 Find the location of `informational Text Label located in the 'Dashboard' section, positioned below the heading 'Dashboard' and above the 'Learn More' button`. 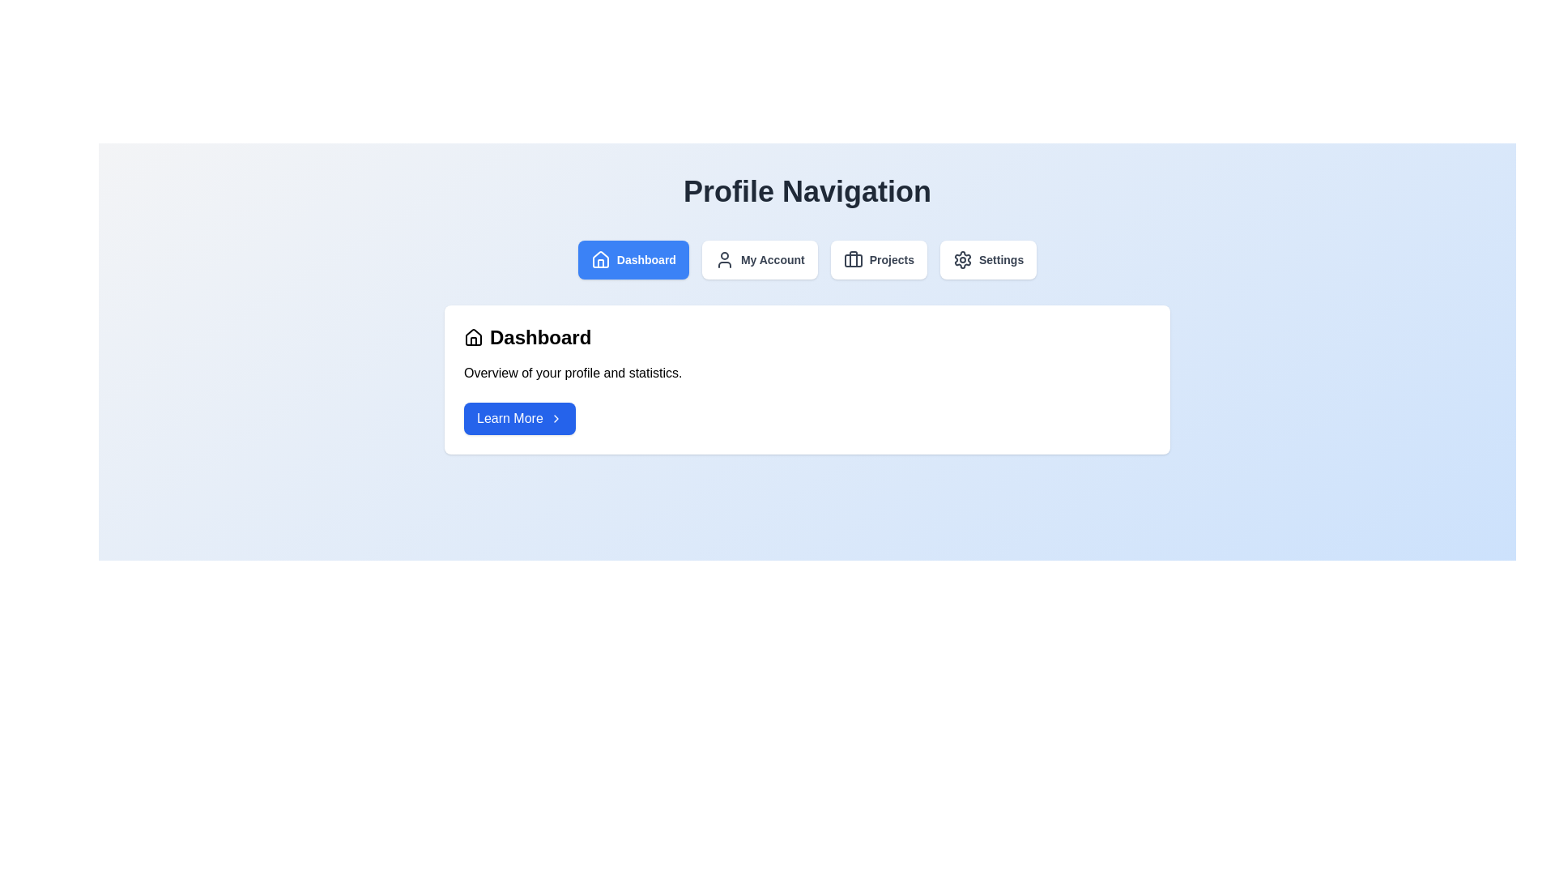

informational Text Label located in the 'Dashboard' section, positioned below the heading 'Dashboard' and above the 'Learn More' button is located at coordinates (573, 373).